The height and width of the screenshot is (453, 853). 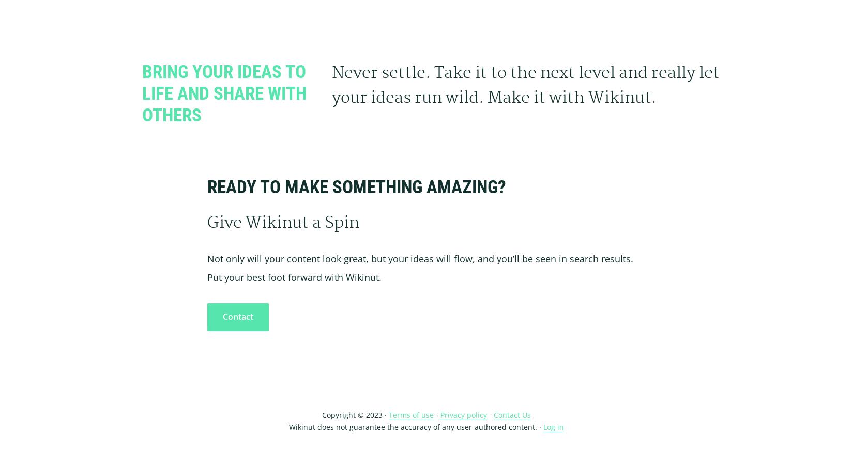 I want to click on 'Copyright © 2023 ·', so click(x=355, y=414).